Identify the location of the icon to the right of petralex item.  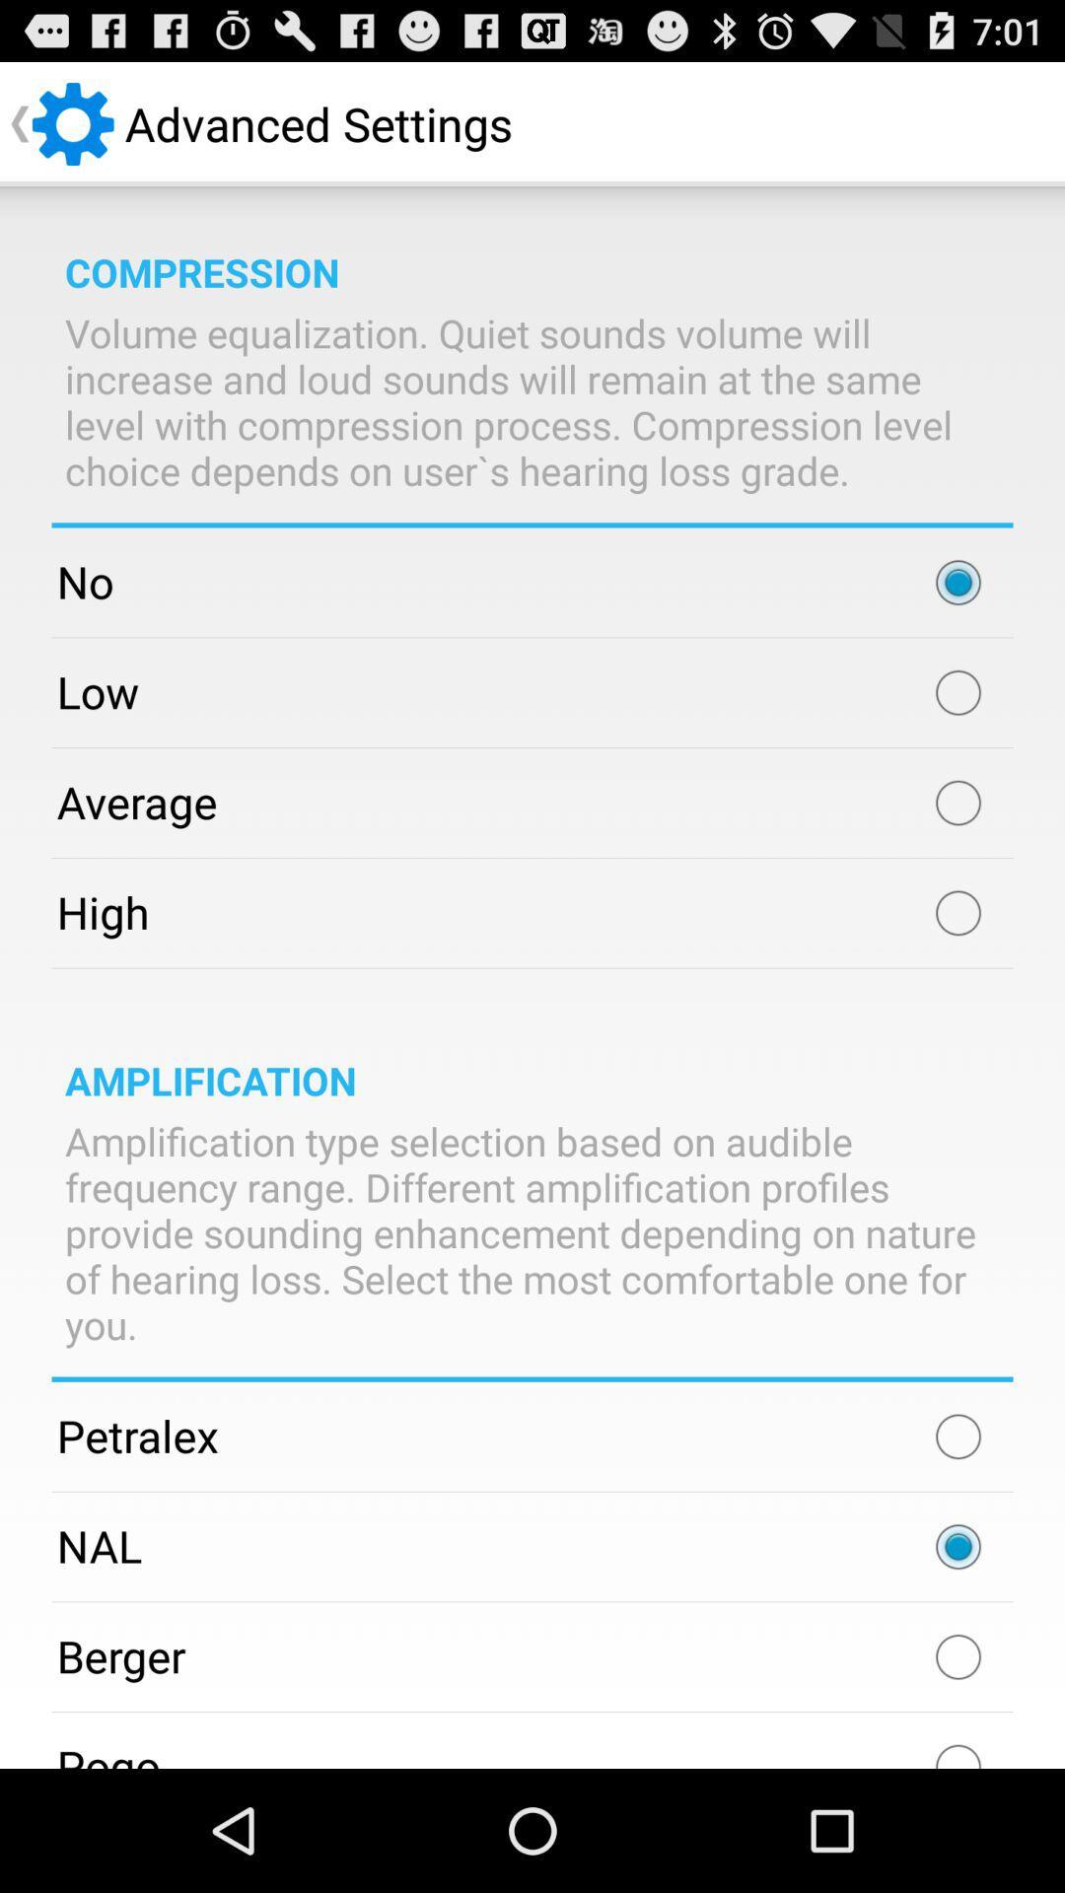
(958, 1437).